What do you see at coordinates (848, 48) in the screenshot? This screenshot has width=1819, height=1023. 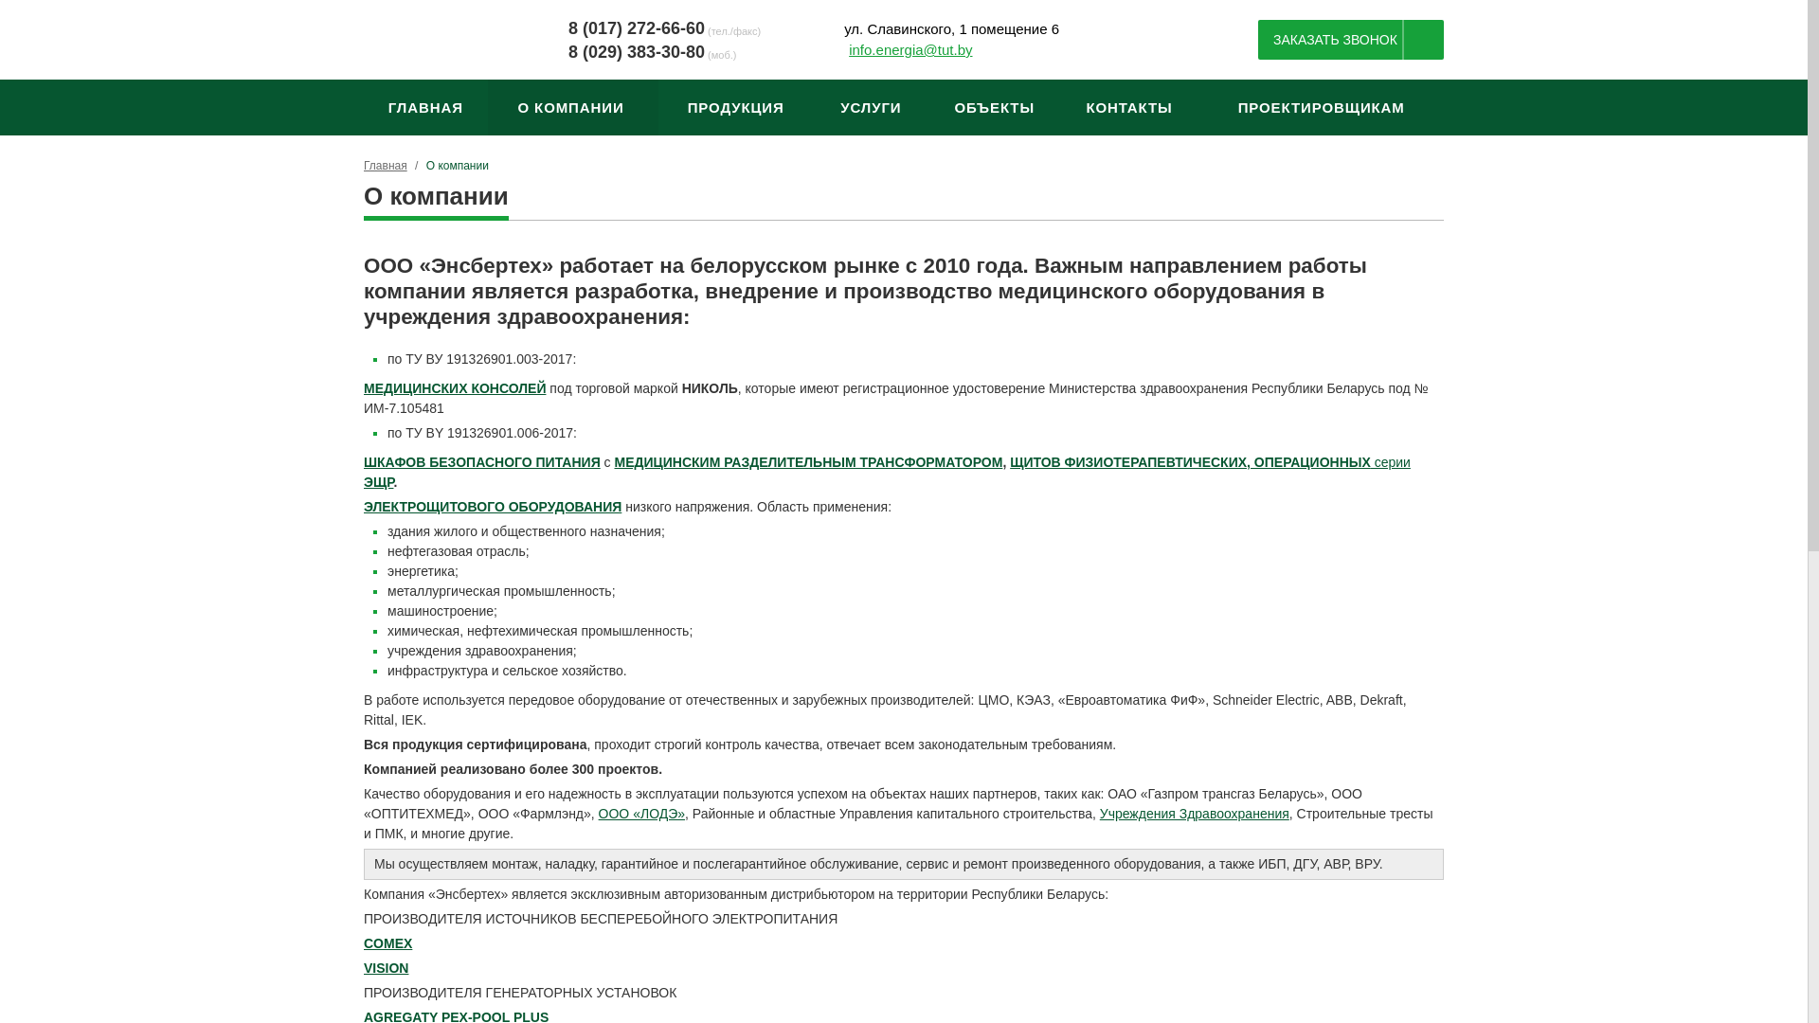 I see `'info.energia@tut.by'` at bounding box center [848, 48].